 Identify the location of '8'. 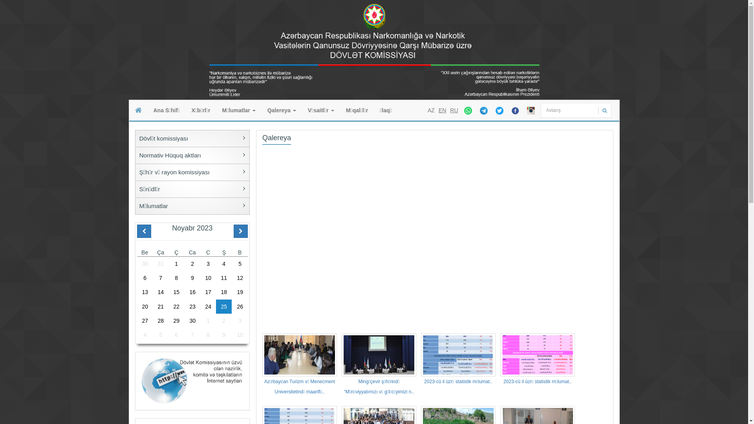
(176, 278).